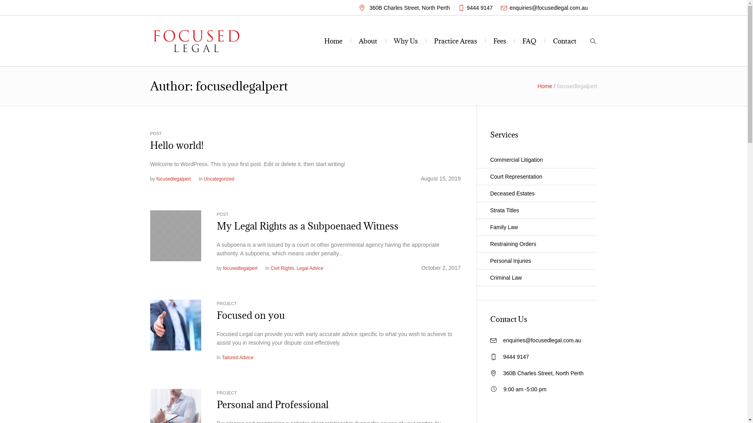 The width and height of the screenshot is (753, 423). Describe the element at coordinates (367, 41) in the screenshot. I see `'About'` at that location.